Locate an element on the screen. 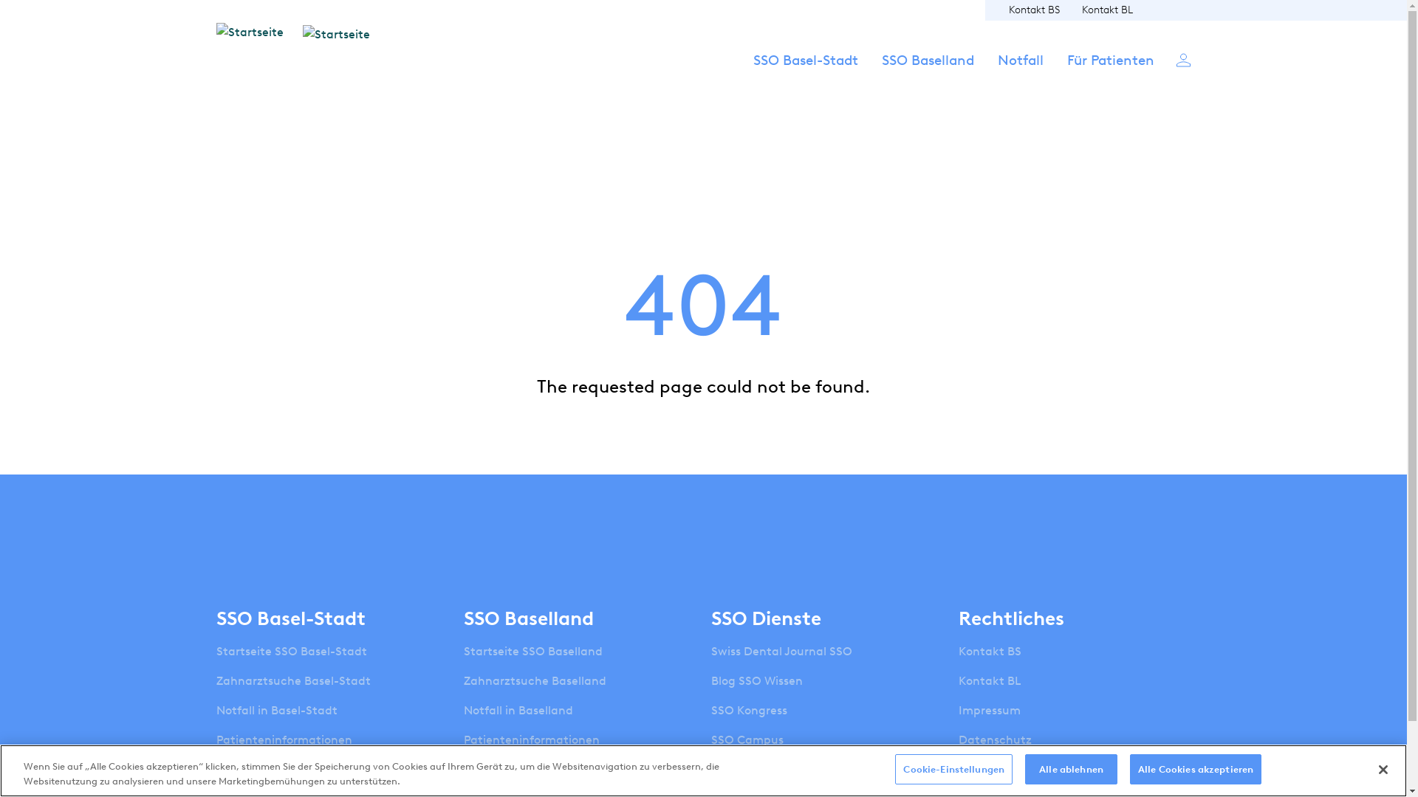 The width and height of the screenshot is (1418, 797). 'Zahnarztsuche Baselland' is located at coordinates (463, 680).